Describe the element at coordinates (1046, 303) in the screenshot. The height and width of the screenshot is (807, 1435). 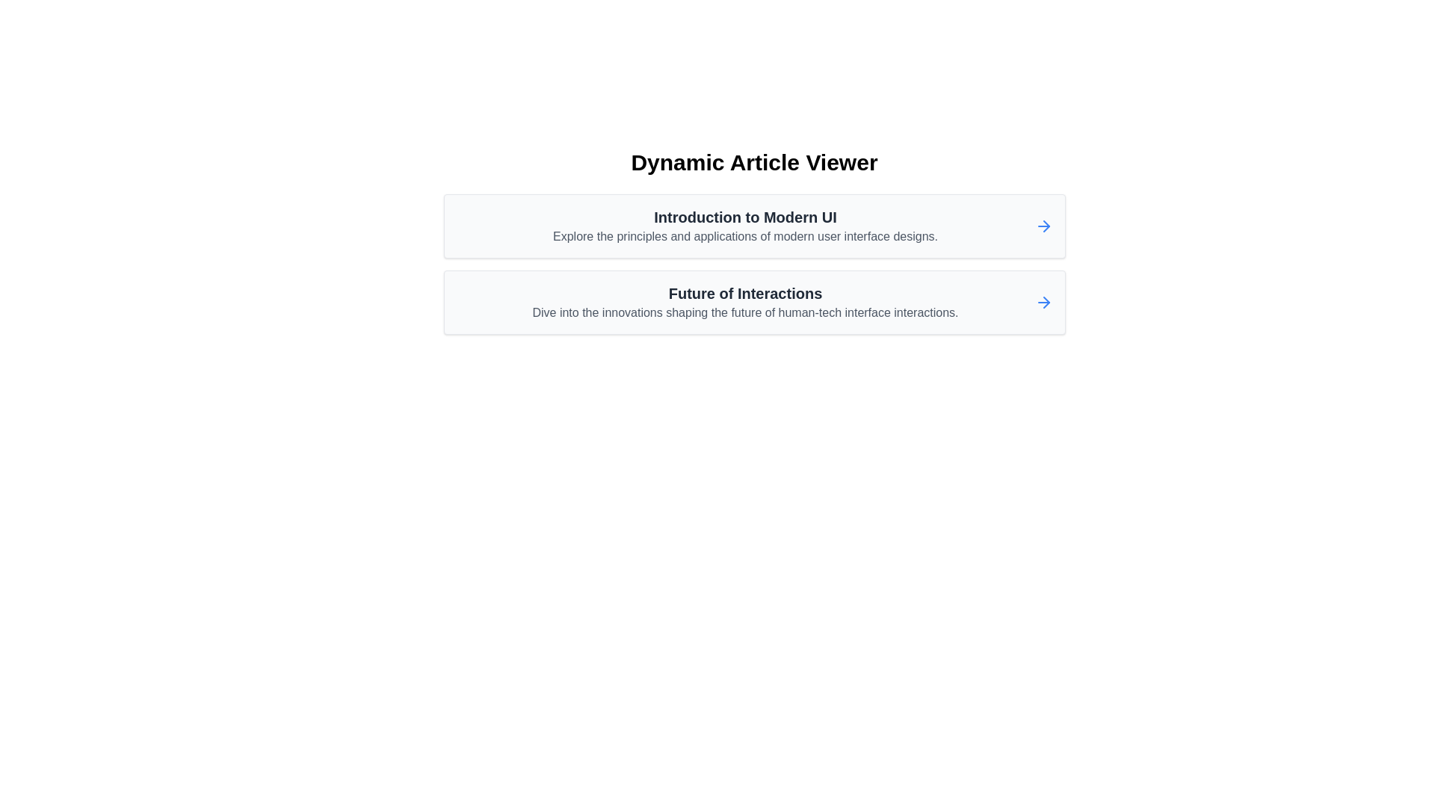
I see `the navigation icon located on the right side of the second item in the list, adjacent to the 'Future of Interactions' text` at that location.